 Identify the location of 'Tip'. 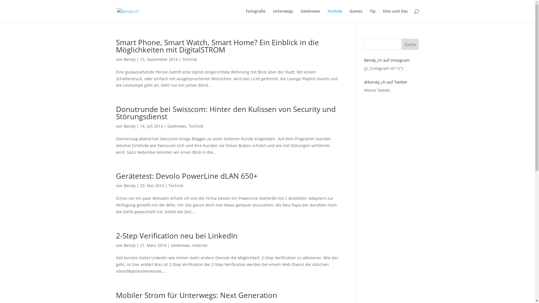
(372, 15).